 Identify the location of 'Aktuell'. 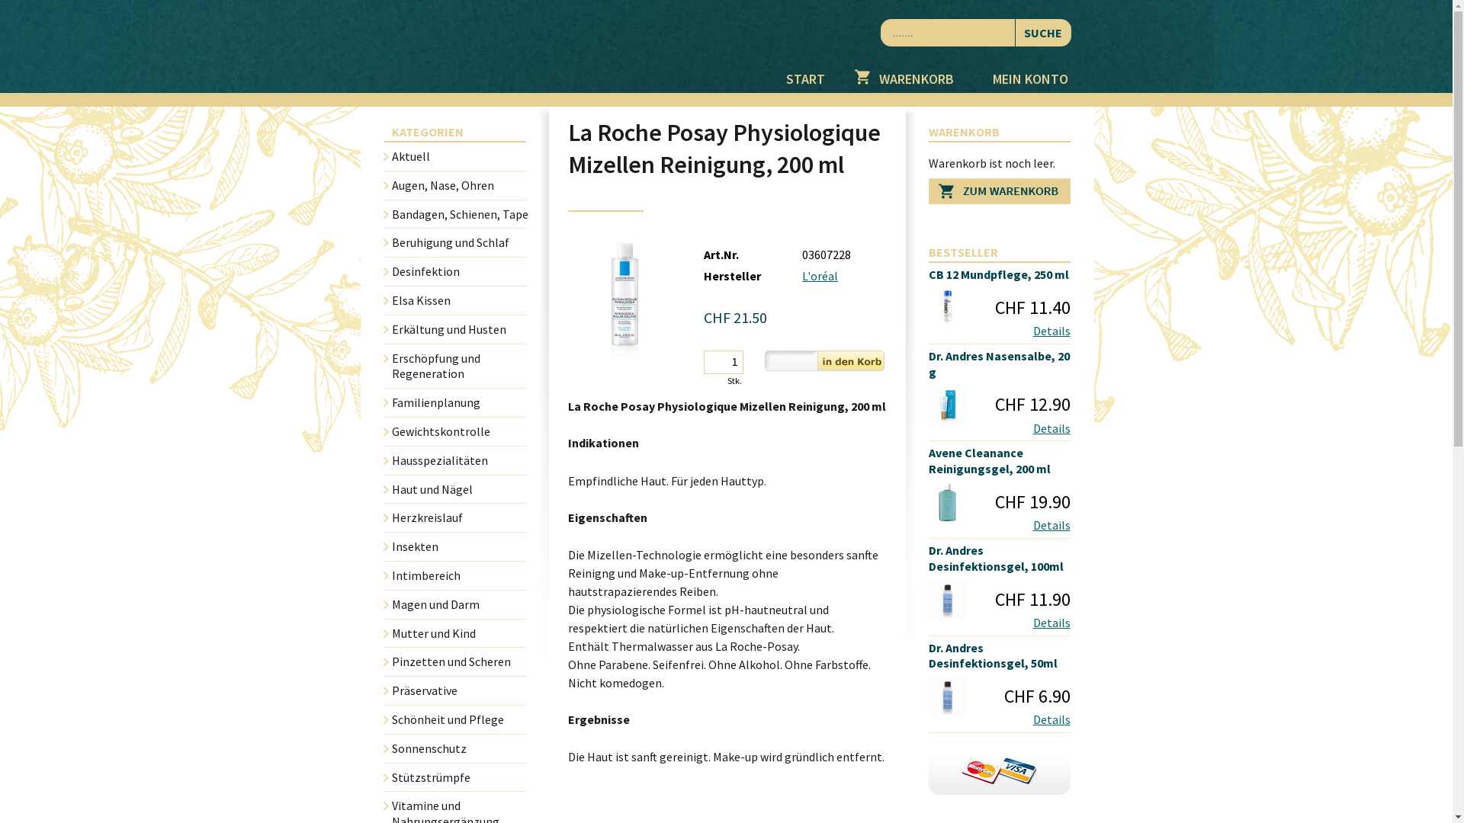
(457, 156).